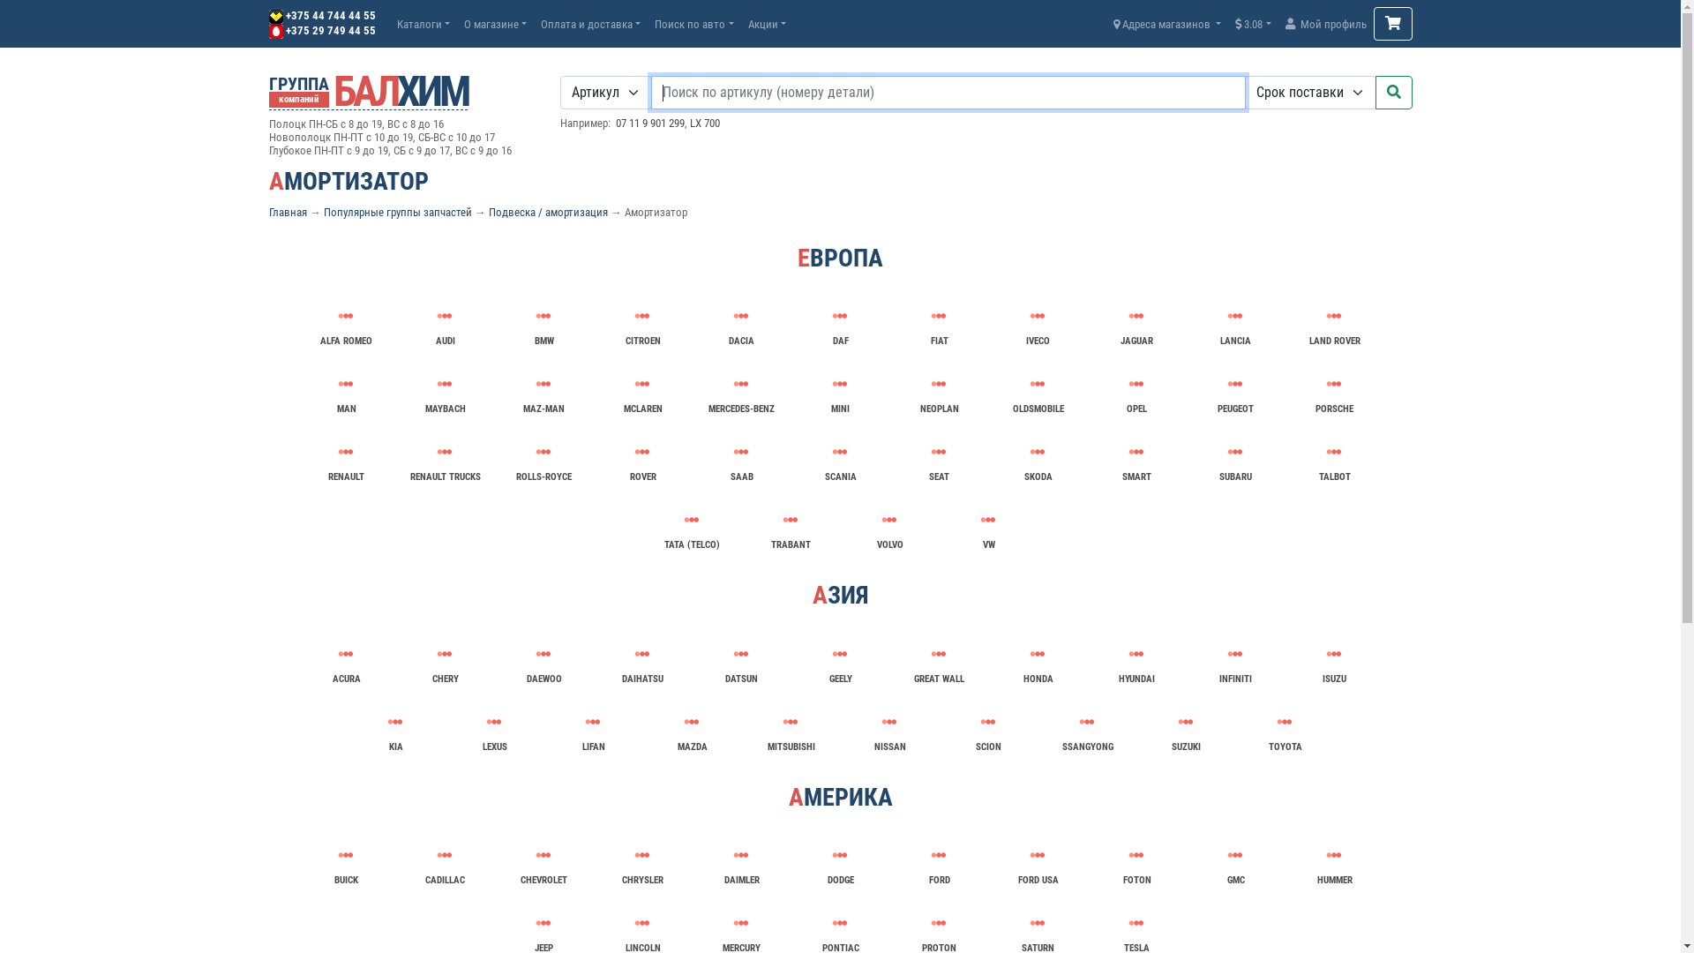 The width and height of the screenshot is (1694, 953). Describe the element at coordinates (1136, 389) in the screenshot. I see `'OPEL'` at that location.